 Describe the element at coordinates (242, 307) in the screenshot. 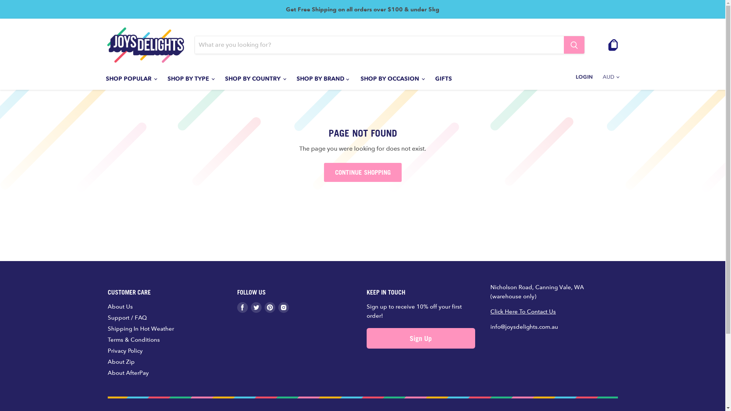

I see `'Find us on Facebook'` at that location.